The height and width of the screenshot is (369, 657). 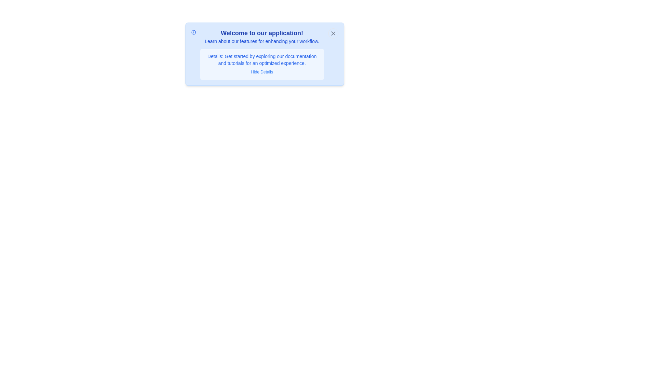 I want to click on 'Hide Details' button to hide the details section, so click(x=261, y=72).